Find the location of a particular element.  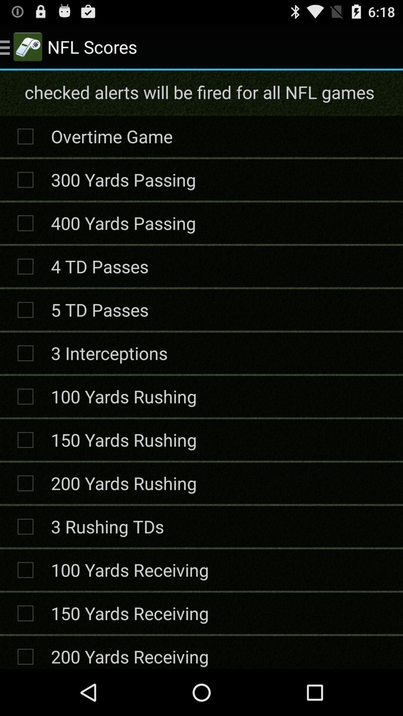

the icon beside nfl scores is located at coordinates (27, 46).